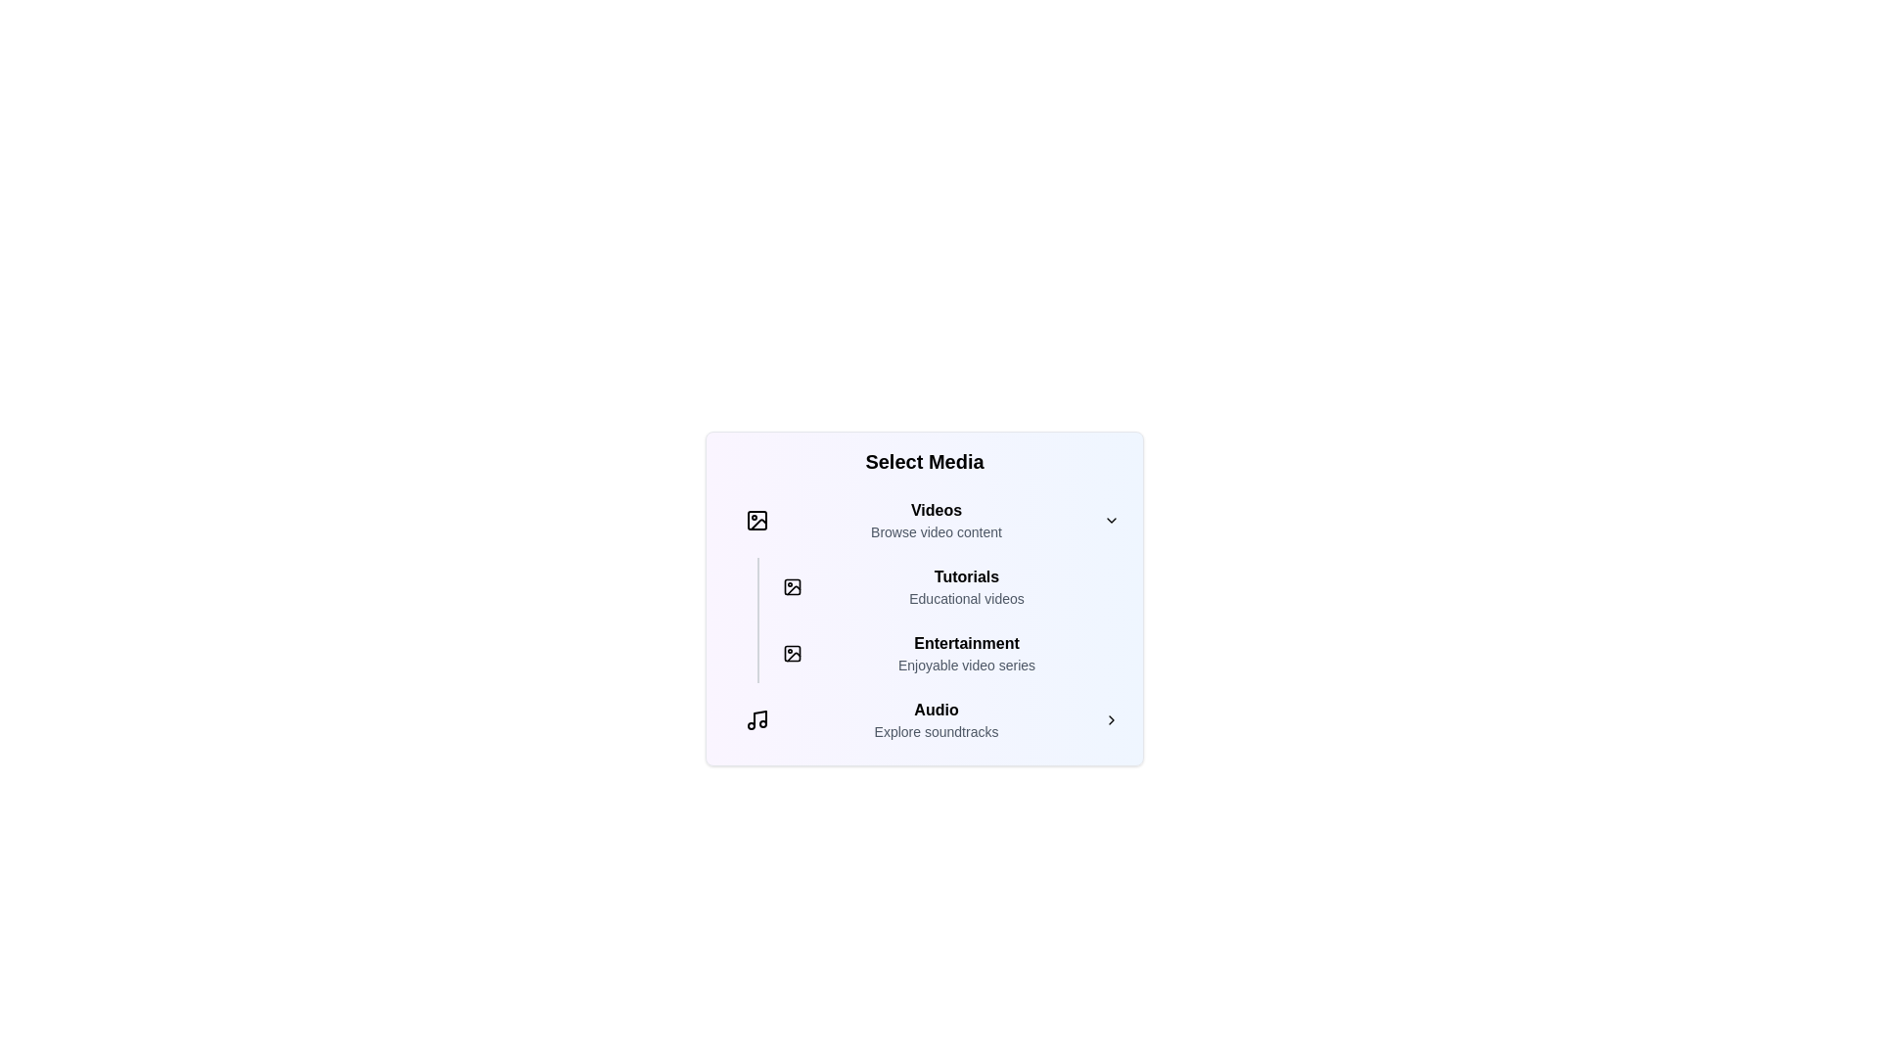 This screenshot has width=1879, height=1057. What do you see at coordinates (759, 718) in the screenshot?
I see `the 'Audio' icon located at the bottom of the vertically aligned list within the card UI component, positioned directly to the left of the 'Audio' option's label text` at bounding box center [759, 718].